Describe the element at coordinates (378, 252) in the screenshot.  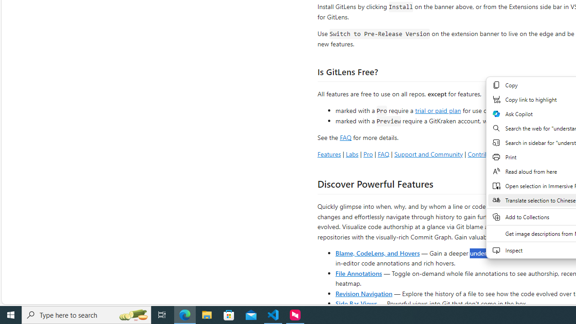
I see `'Blame, CodeLens, and Hovers'` at that location.